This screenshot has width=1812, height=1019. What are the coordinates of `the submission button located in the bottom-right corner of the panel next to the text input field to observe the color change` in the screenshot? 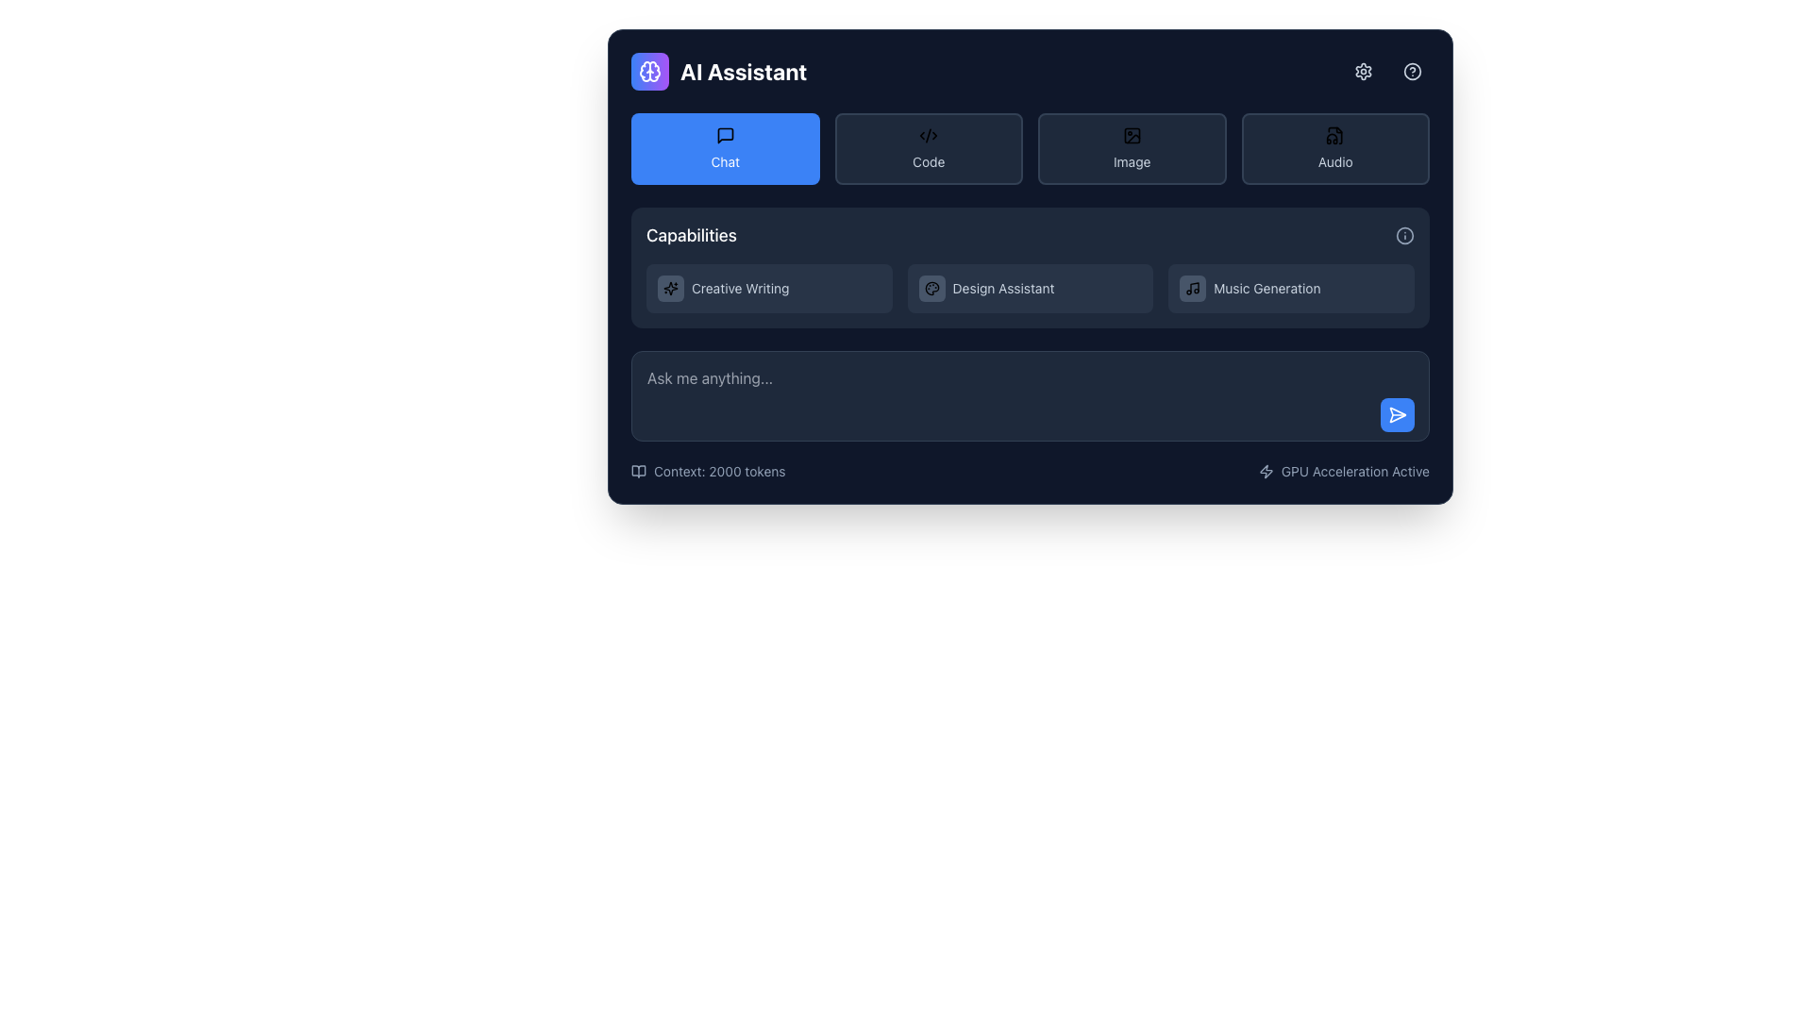 It's located at (1398, 413).